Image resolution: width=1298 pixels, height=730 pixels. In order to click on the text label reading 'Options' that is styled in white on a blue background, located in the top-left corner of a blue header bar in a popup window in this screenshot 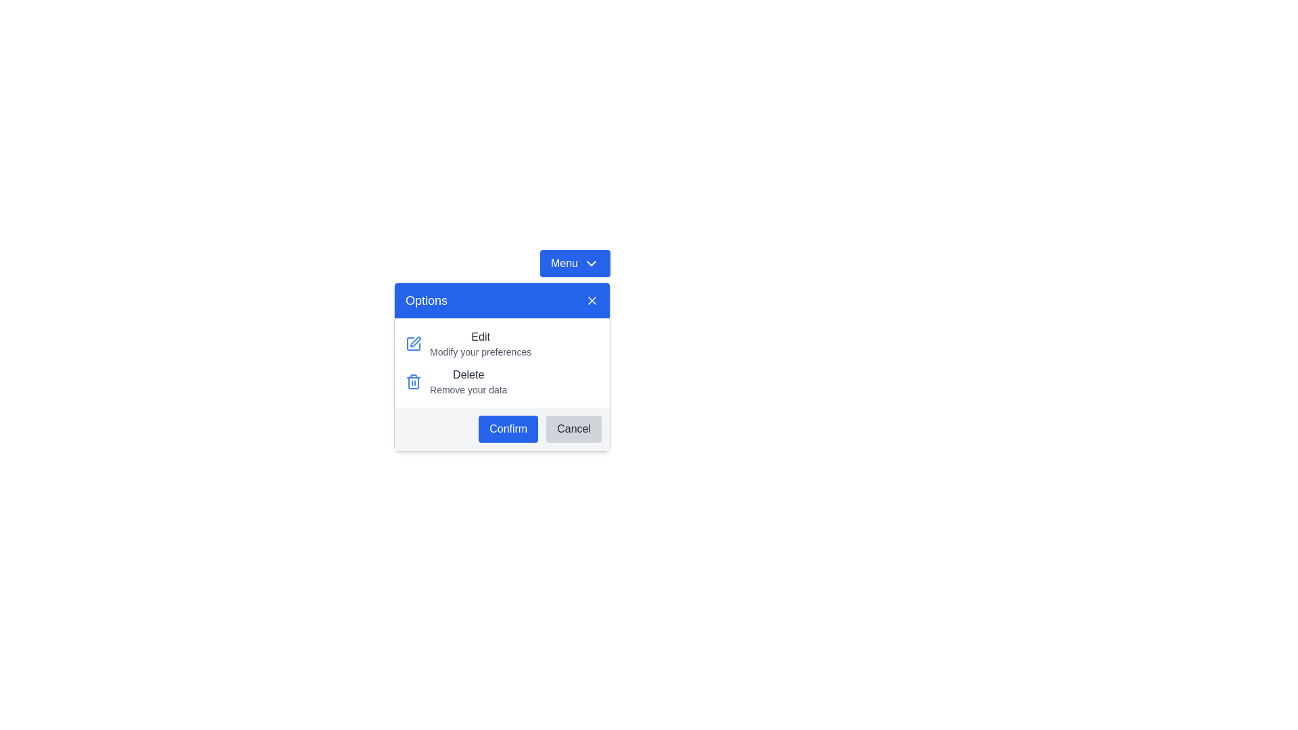, I will do `click(426, 299)`.